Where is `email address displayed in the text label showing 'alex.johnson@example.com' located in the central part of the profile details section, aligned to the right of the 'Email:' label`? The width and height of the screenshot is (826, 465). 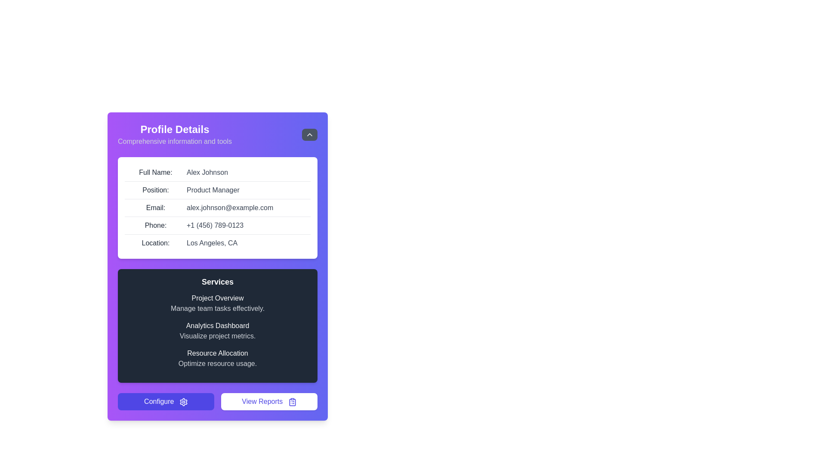
email address displayed in the text label showing 'alex.johnson@example.com' located in the central part of the profile details section, aligned to the right of the 'Email:' label is located at coordinates (230, 208).